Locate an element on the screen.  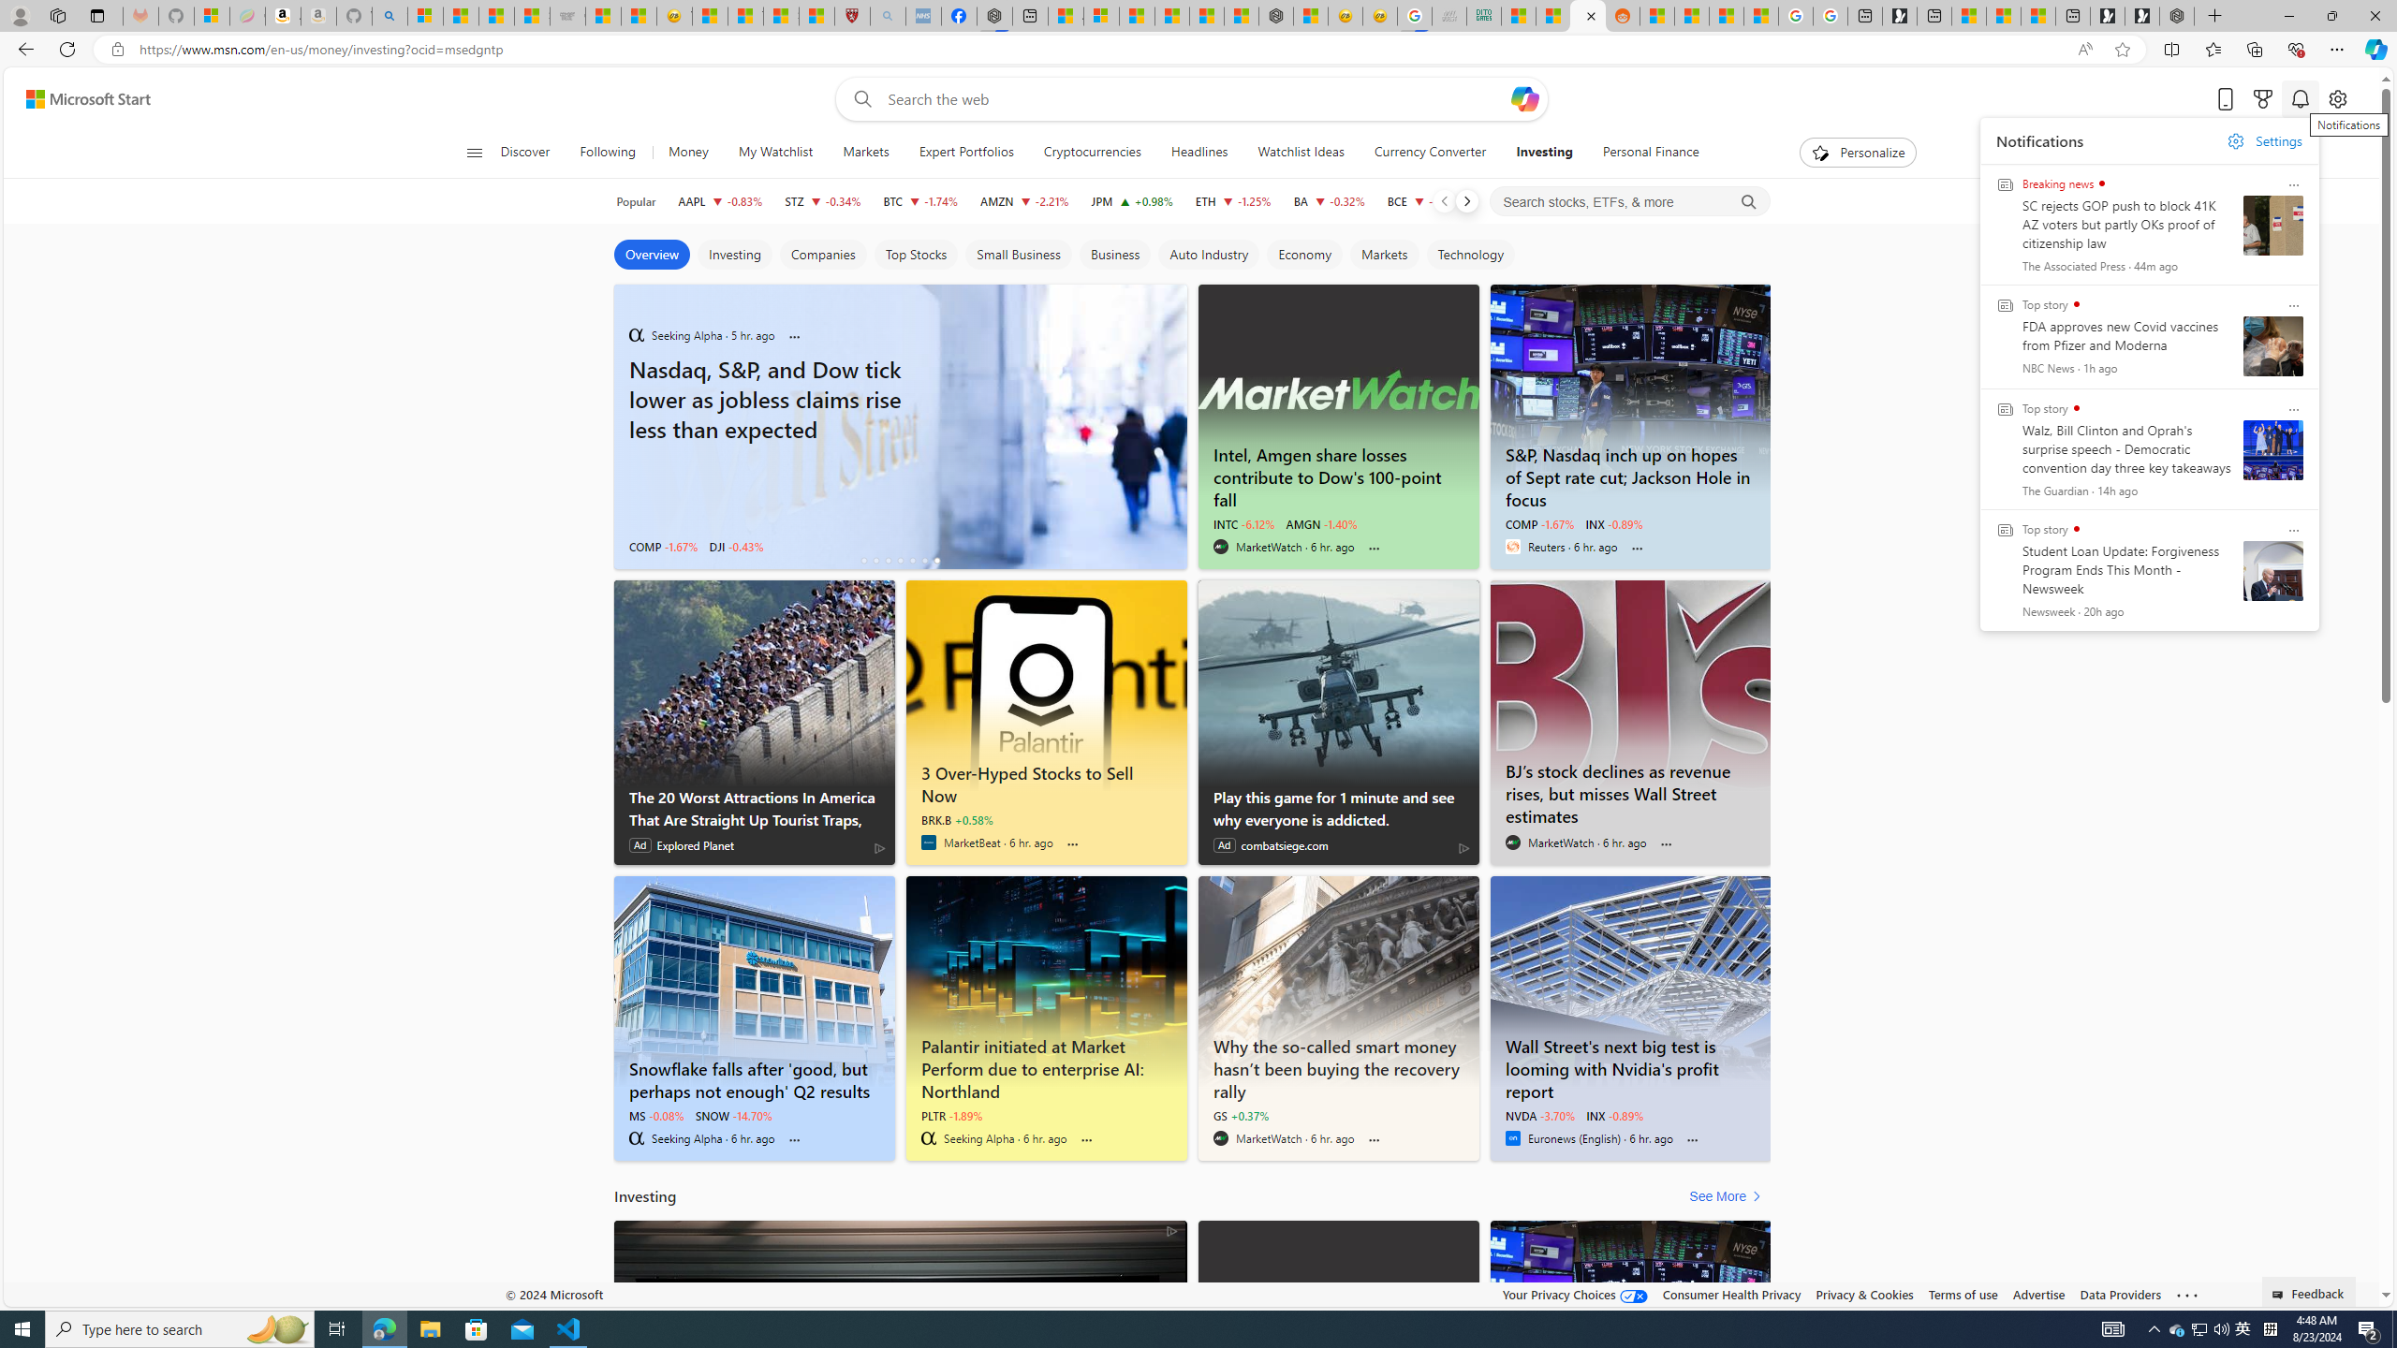
'ETH Ethereum decrease 2,611.71 -32.54 -1.25%' is located at coordinates (1232, 200).